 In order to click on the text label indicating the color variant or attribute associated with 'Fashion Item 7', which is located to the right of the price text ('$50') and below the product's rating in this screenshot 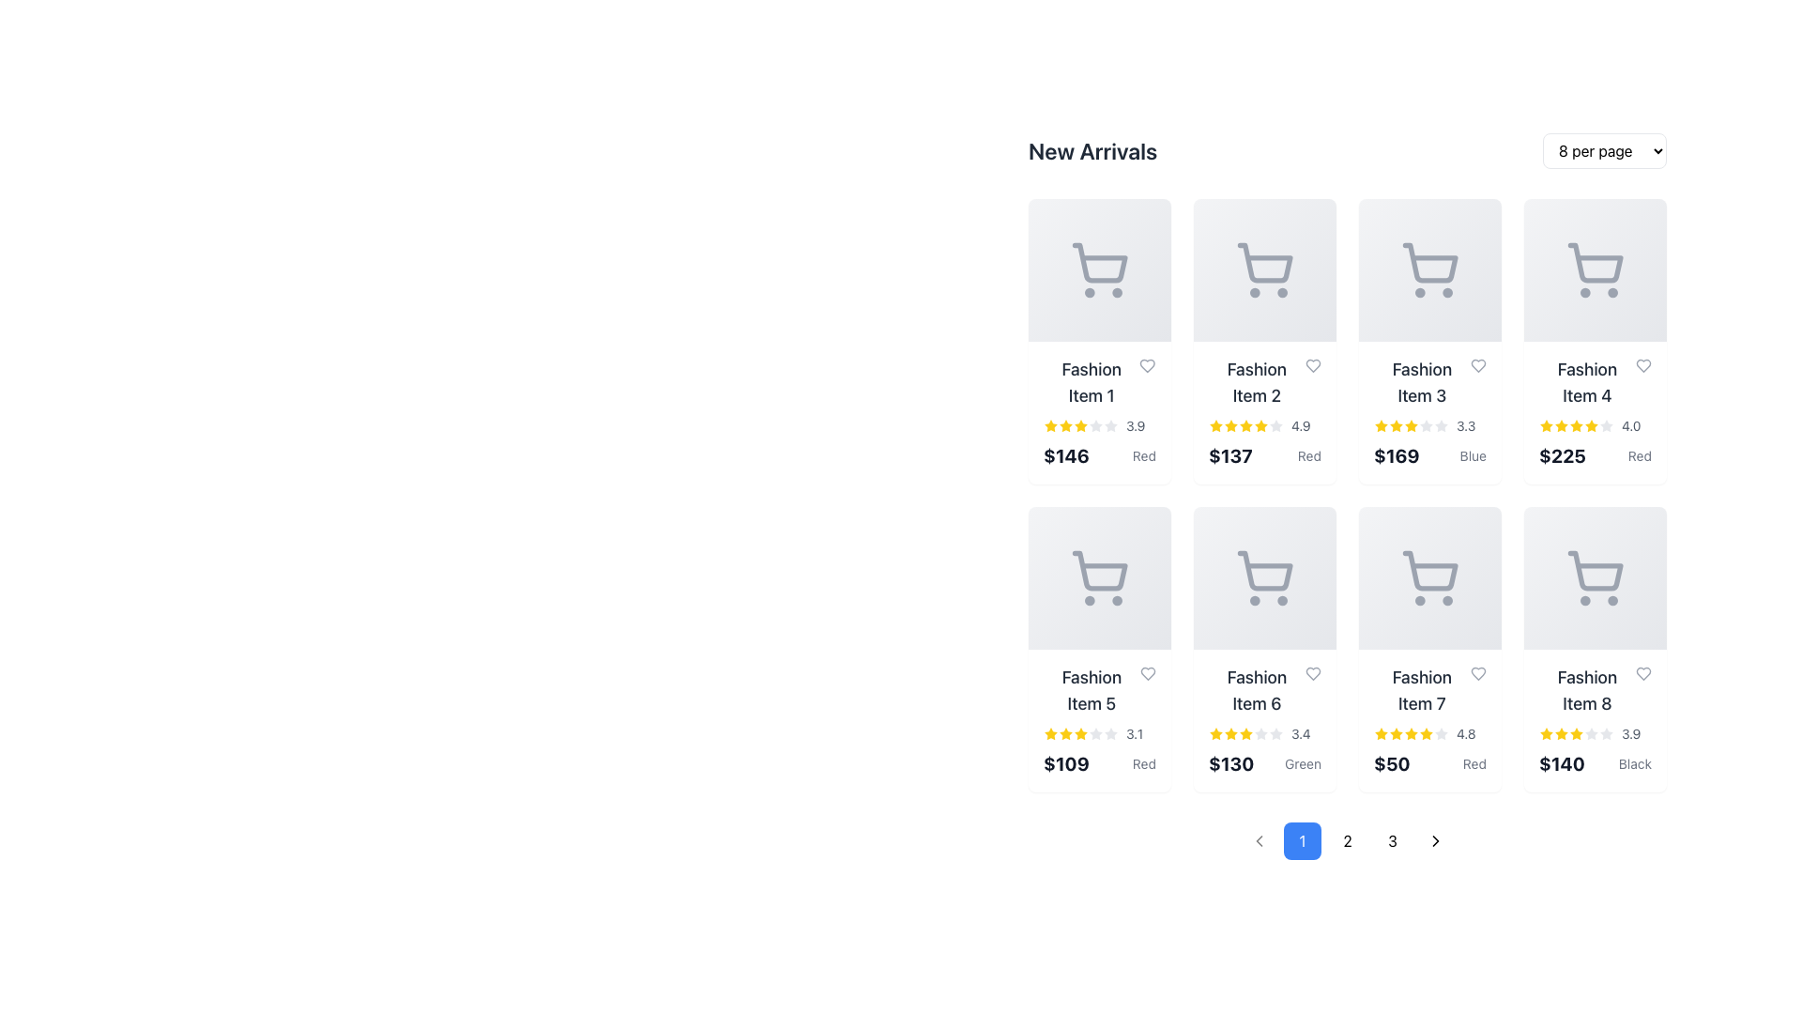, I will do `click(1474, 763)`.